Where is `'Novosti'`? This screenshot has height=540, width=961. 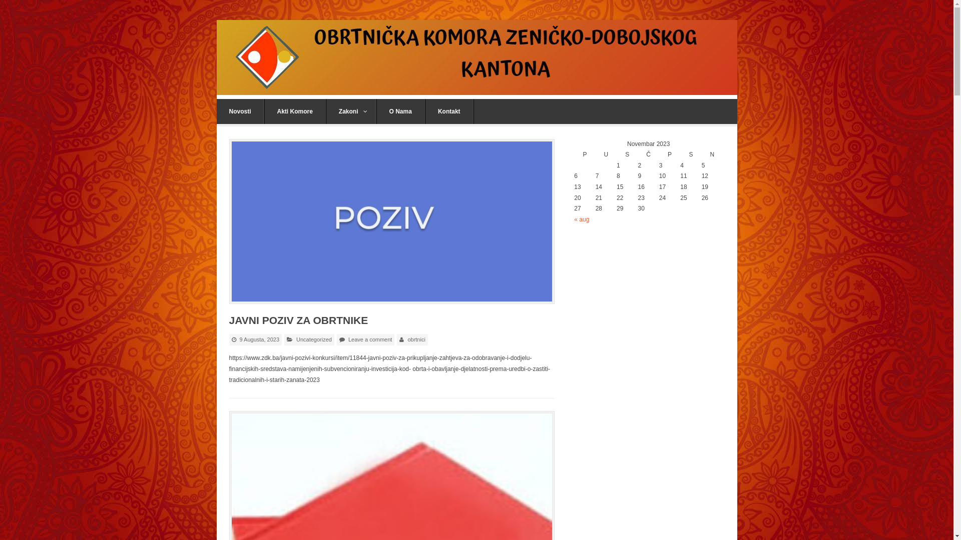
'Novosti' is located at coordinates (216, 111).